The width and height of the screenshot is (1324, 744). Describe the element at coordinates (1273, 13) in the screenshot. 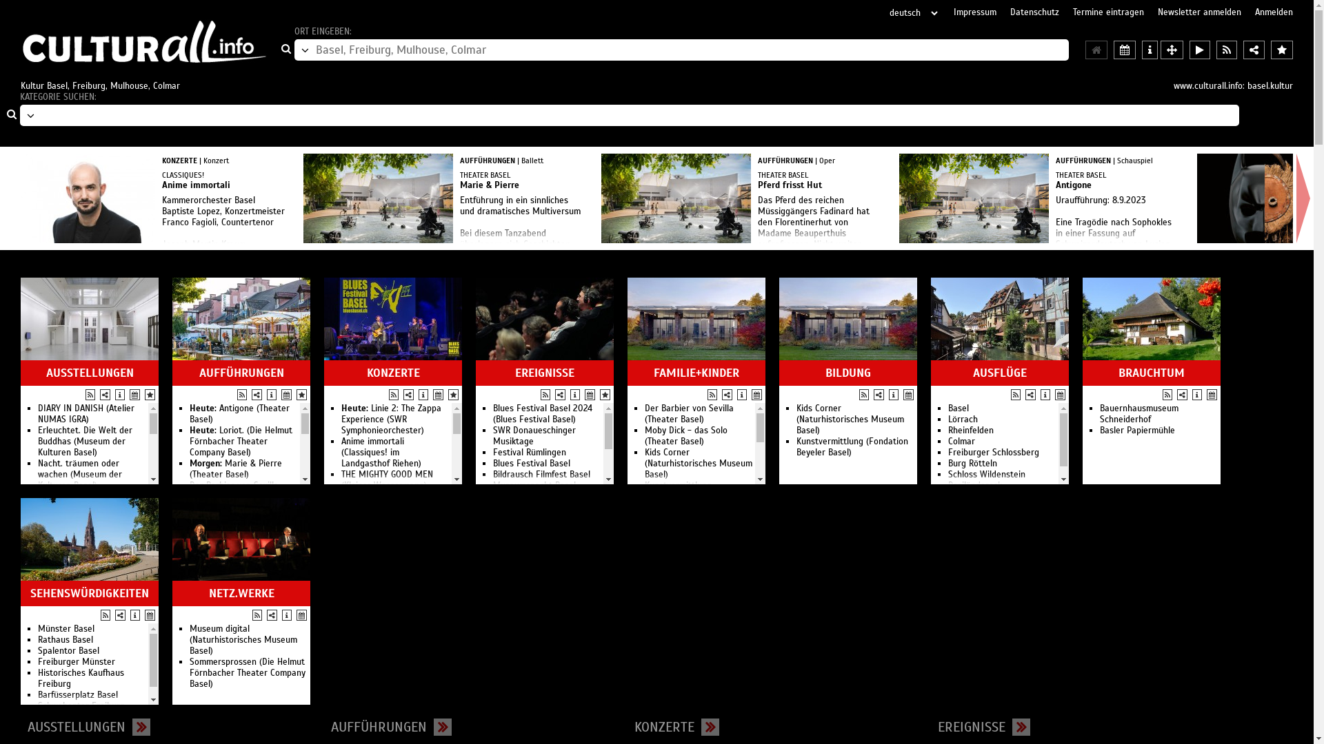

I see `'Anmelden'` at that location.